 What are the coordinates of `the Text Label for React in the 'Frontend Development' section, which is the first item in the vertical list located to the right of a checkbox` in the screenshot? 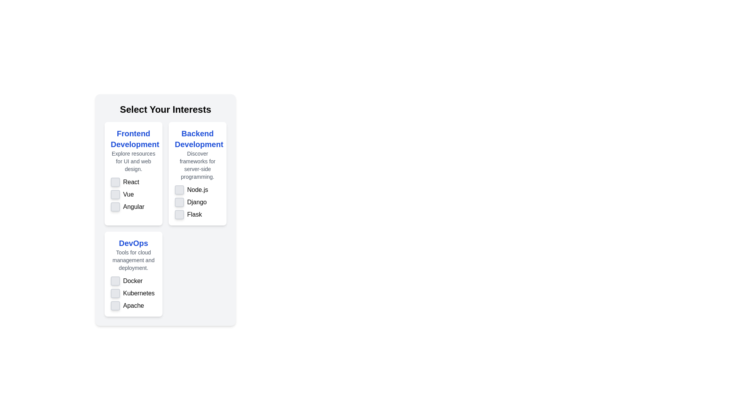 It's located at (131, 182).